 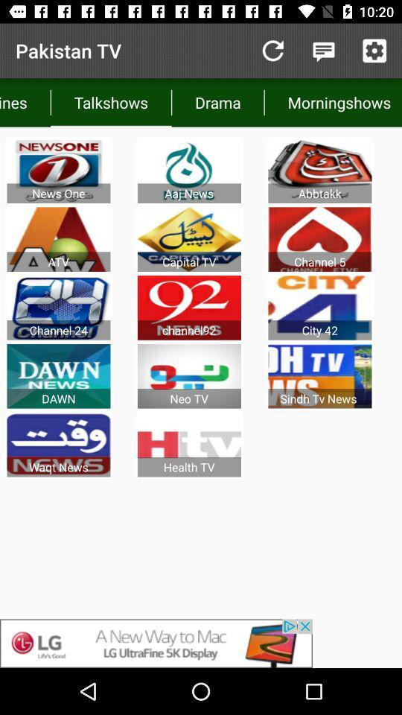 What do you see at coordinates (272, 51) in the screenshot?
I see `refresh page` at bounding box center [272, 51].